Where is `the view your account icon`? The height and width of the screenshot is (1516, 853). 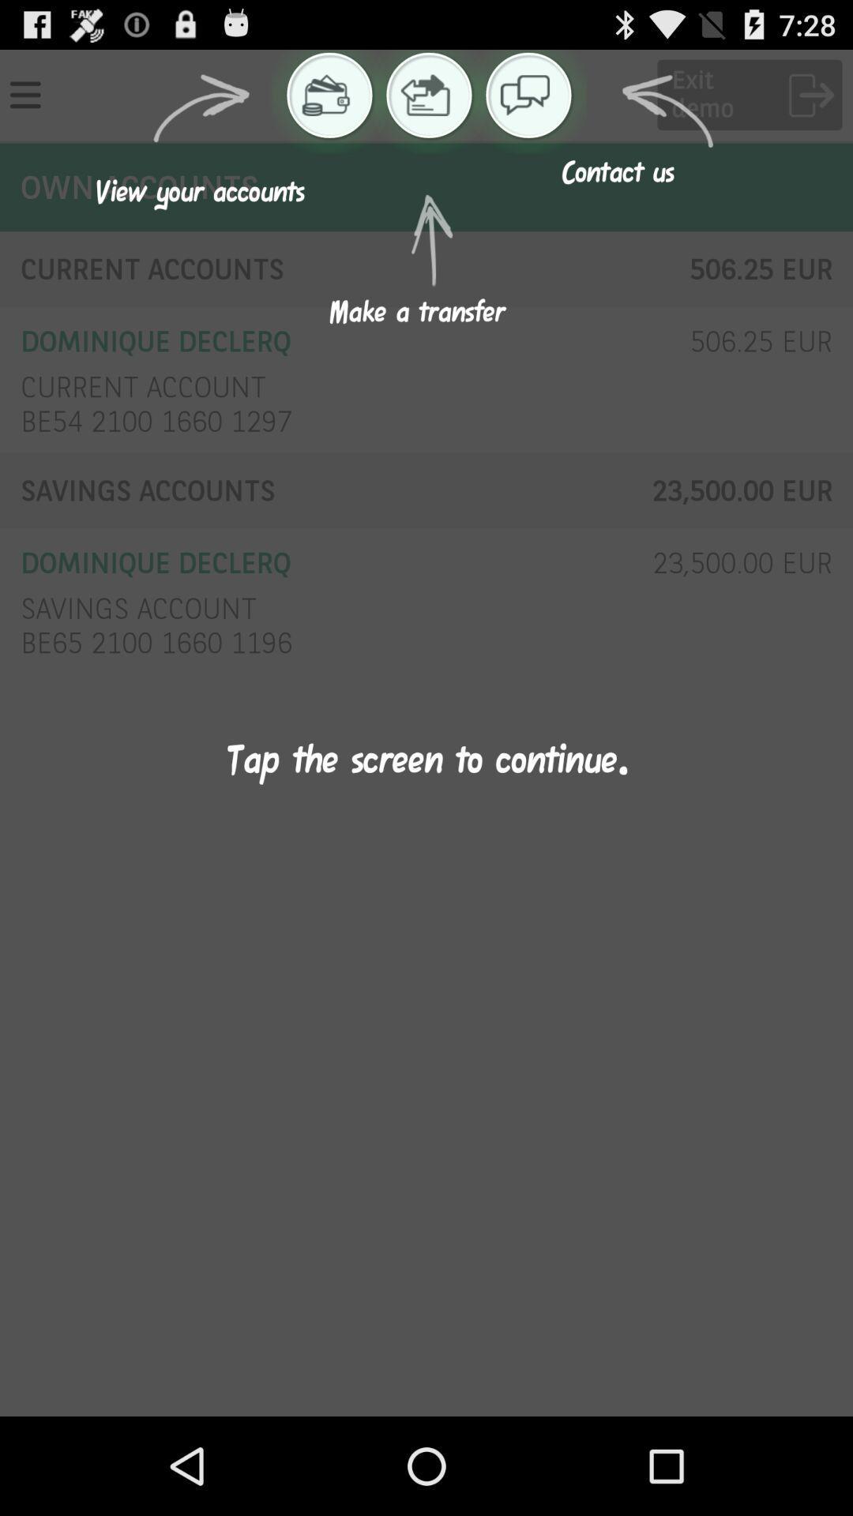
the view your account icon is located at coordinates (325, 94).